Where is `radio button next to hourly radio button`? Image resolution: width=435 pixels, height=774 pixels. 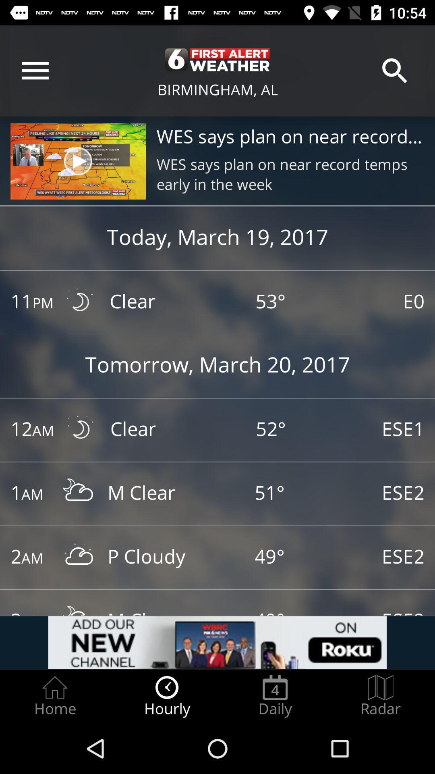 radio button next to hourly radio button is located at coordinates (54, 696).